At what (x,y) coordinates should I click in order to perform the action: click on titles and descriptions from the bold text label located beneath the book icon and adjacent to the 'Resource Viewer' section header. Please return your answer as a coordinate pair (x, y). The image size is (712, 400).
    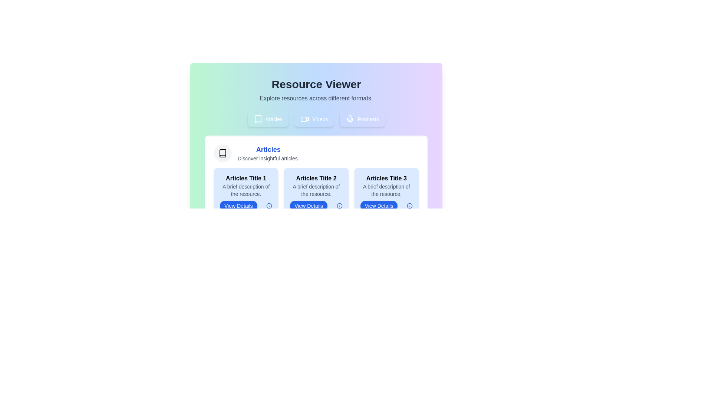
    Looking at the image, I should click on (268, 153).